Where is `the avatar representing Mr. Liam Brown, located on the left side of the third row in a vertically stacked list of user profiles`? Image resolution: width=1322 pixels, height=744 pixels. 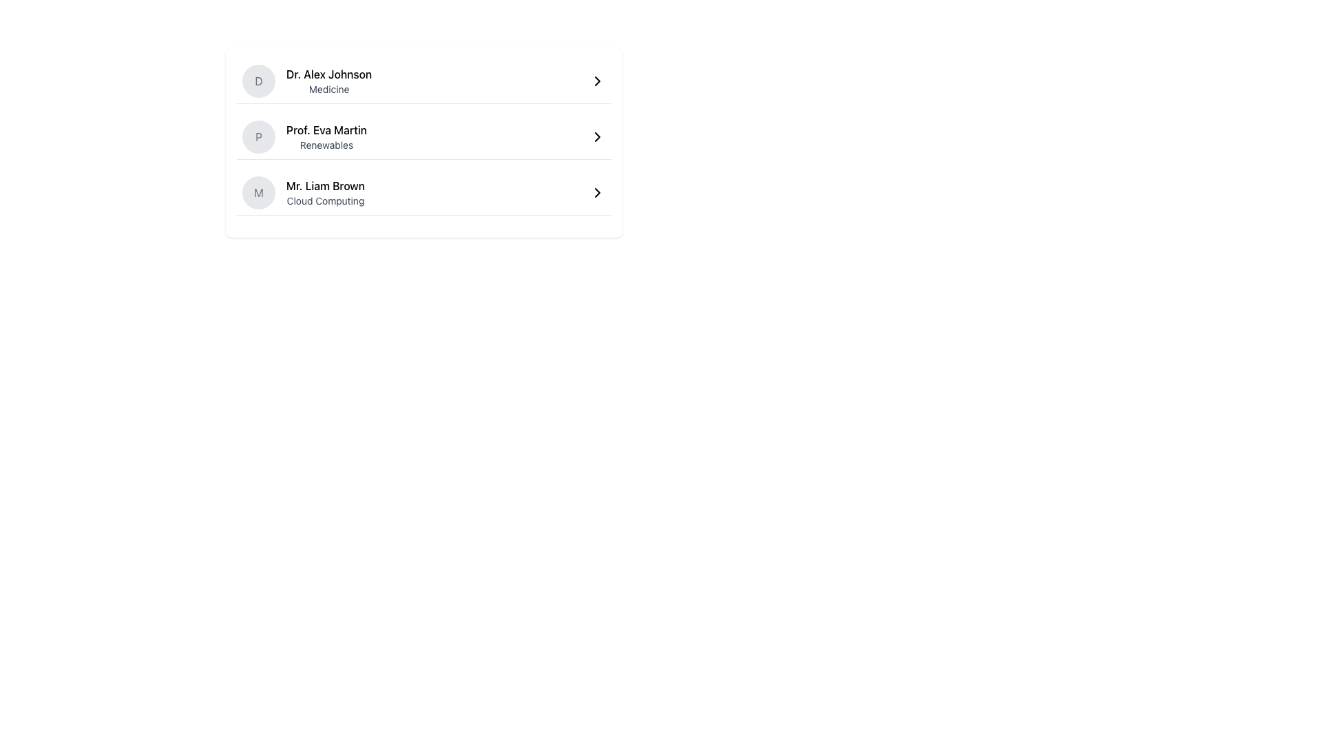 the avatar representing Mr. Liam Brown, located on the left side of the third row in a vertically stacked list of user profiles is located at coordinates (258, 193).